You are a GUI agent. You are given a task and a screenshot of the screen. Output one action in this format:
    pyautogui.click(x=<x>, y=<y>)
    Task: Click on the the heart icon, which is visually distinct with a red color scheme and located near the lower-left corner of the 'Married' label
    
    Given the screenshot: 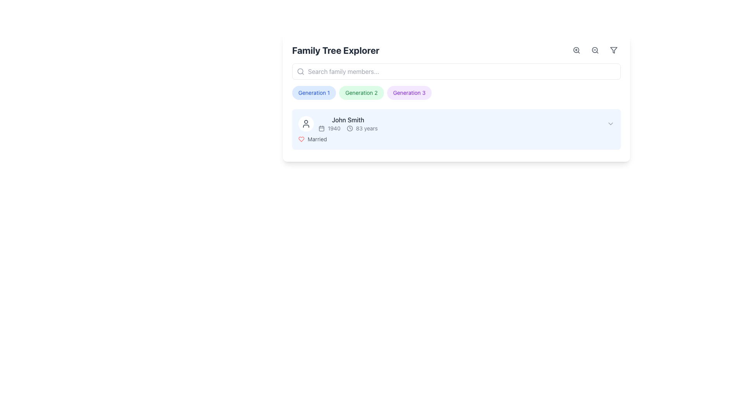 What is the action you would take?
    pyautogui.click(x=301, y=139)
    